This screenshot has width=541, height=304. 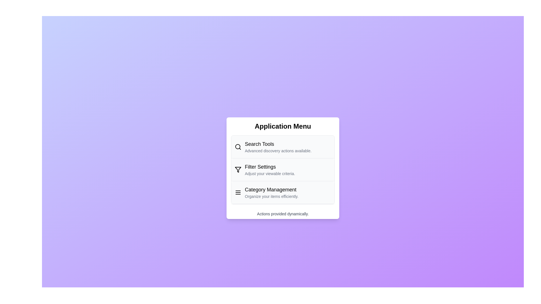 I want to click on the menu item corresponding to Category Management to open its section, so click(x=283, y=192).